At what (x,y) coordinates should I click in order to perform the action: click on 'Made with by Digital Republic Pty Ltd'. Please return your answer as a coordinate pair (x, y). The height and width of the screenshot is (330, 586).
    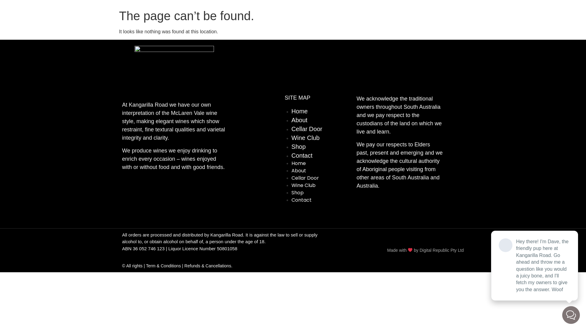
    Looking at the image, I should click on (425, 250).